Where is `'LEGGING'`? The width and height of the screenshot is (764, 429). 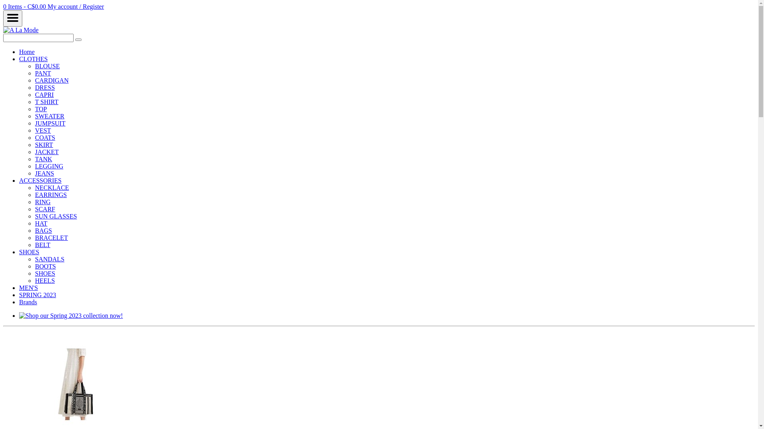 'LEGGING' is located at coordinates (49, 166).